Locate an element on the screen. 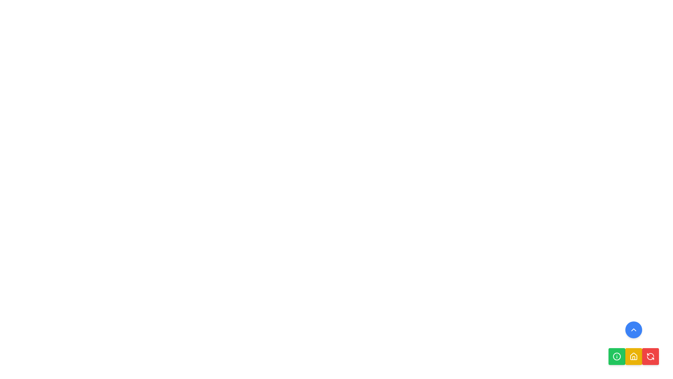 The image size is (673, 379). the small circular information icon with a green background located inside the green button at the bottom right corner of the interface is located at coordinates (617, 356).